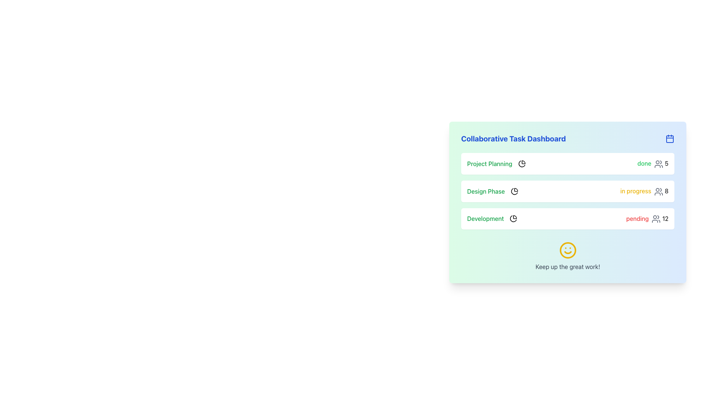 The image size is (717, 403). What do you see at coordinates (521, 163) in the screenshot?
I see `the pie chart icon representing data visualization located in the 'Project Planning' row, positioned to the right of the label 'Project Planning' and before the status text 'done'` at bounding box center [521, 163].